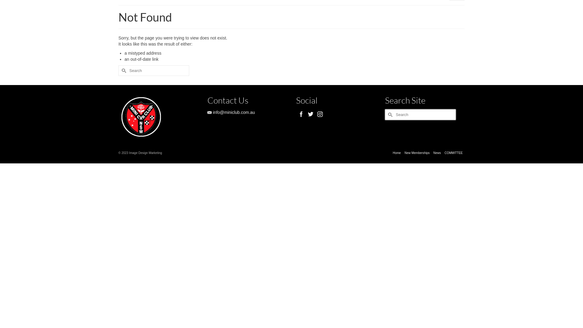 The height and width of the screenshot is (328, 583). Describe the element at coordinates (443, 153) in the screenshot. I see `'COMMITTEE'` at that location.